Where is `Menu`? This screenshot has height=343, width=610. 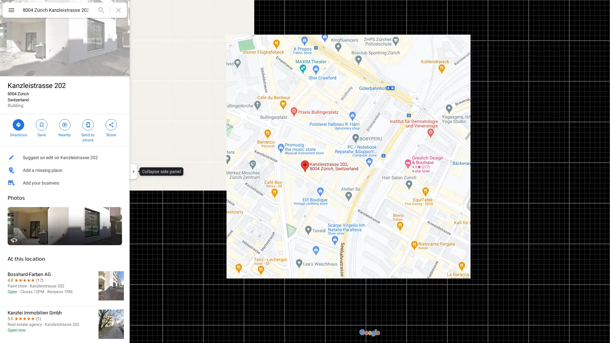
Menu is located at coordinates (11, 11).